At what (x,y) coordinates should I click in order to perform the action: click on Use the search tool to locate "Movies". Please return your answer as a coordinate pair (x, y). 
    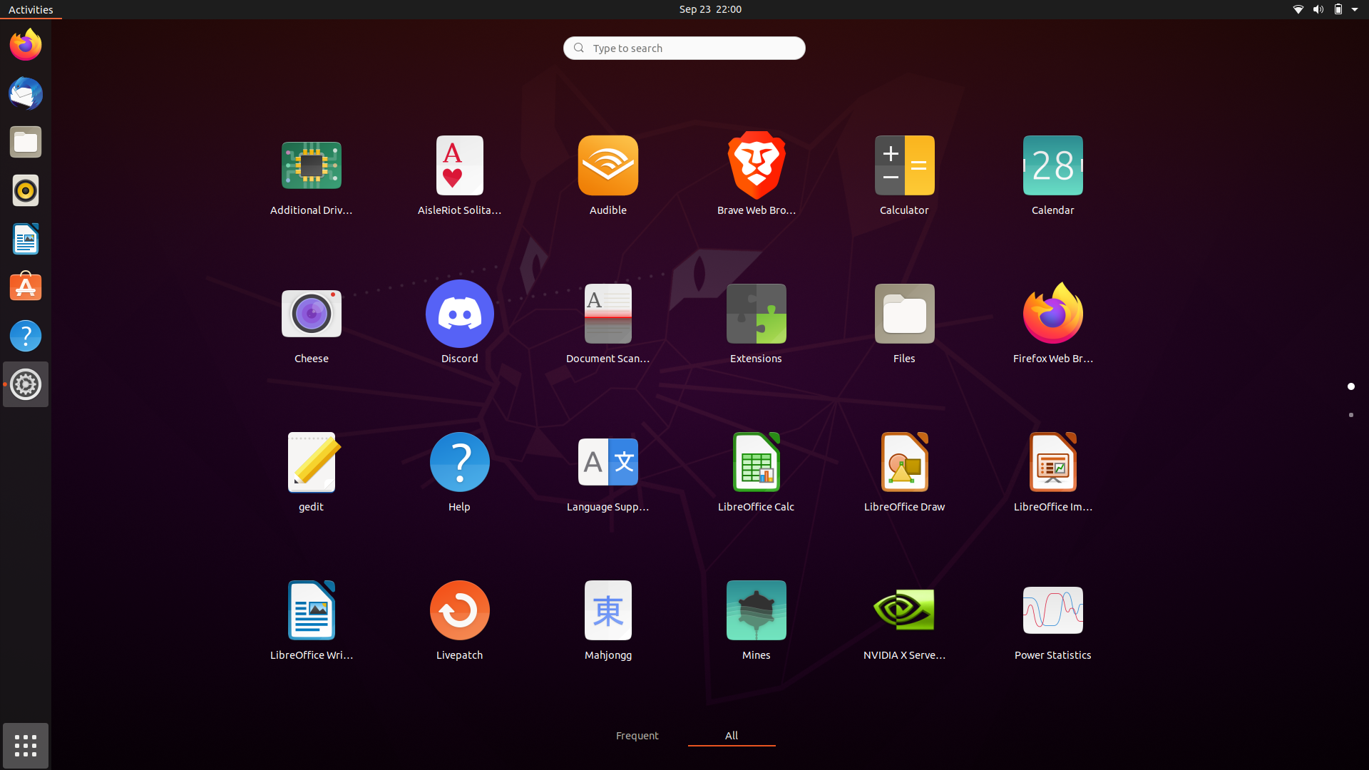
    Looking at the image, I should click on (683, 46).